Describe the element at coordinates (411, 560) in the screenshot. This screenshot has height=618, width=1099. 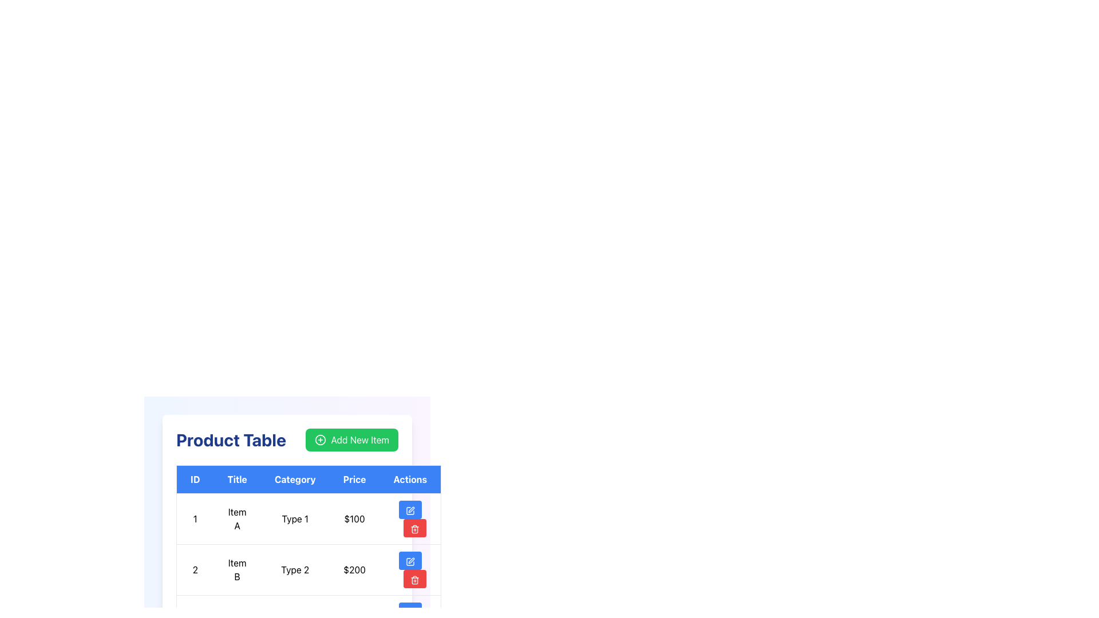
I see `the pen icon in the 'Actions' column of the second row in the table` at that location.